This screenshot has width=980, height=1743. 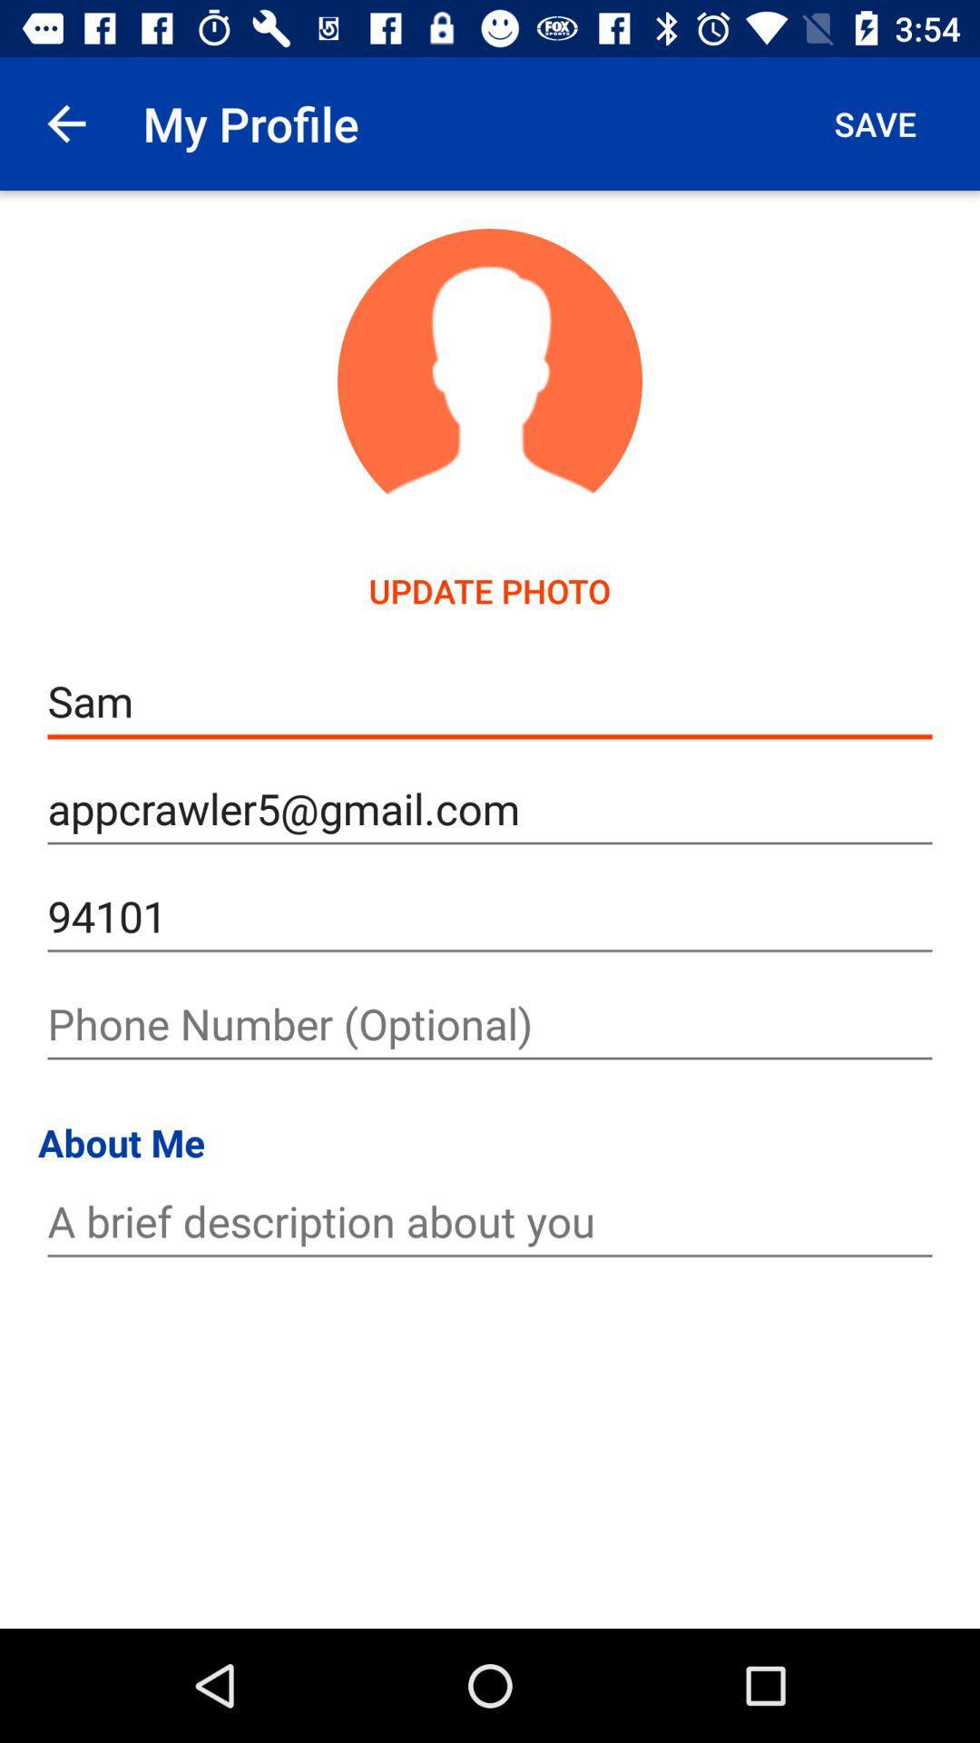 I want to click on app to the left of my profile icon, so click(x=65, y=123).